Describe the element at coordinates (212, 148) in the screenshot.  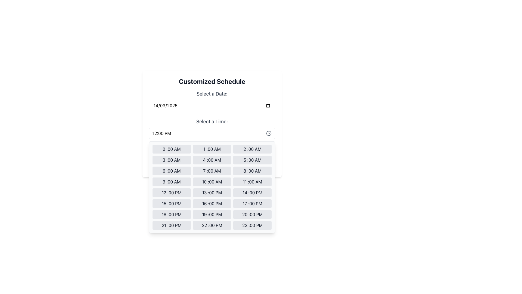
I see `the centered gray text label that says 'Confirm your schedule to proceed.', which is located below the time options and above the confirmation button in the 'Customized Schedule' card interface` at that location.